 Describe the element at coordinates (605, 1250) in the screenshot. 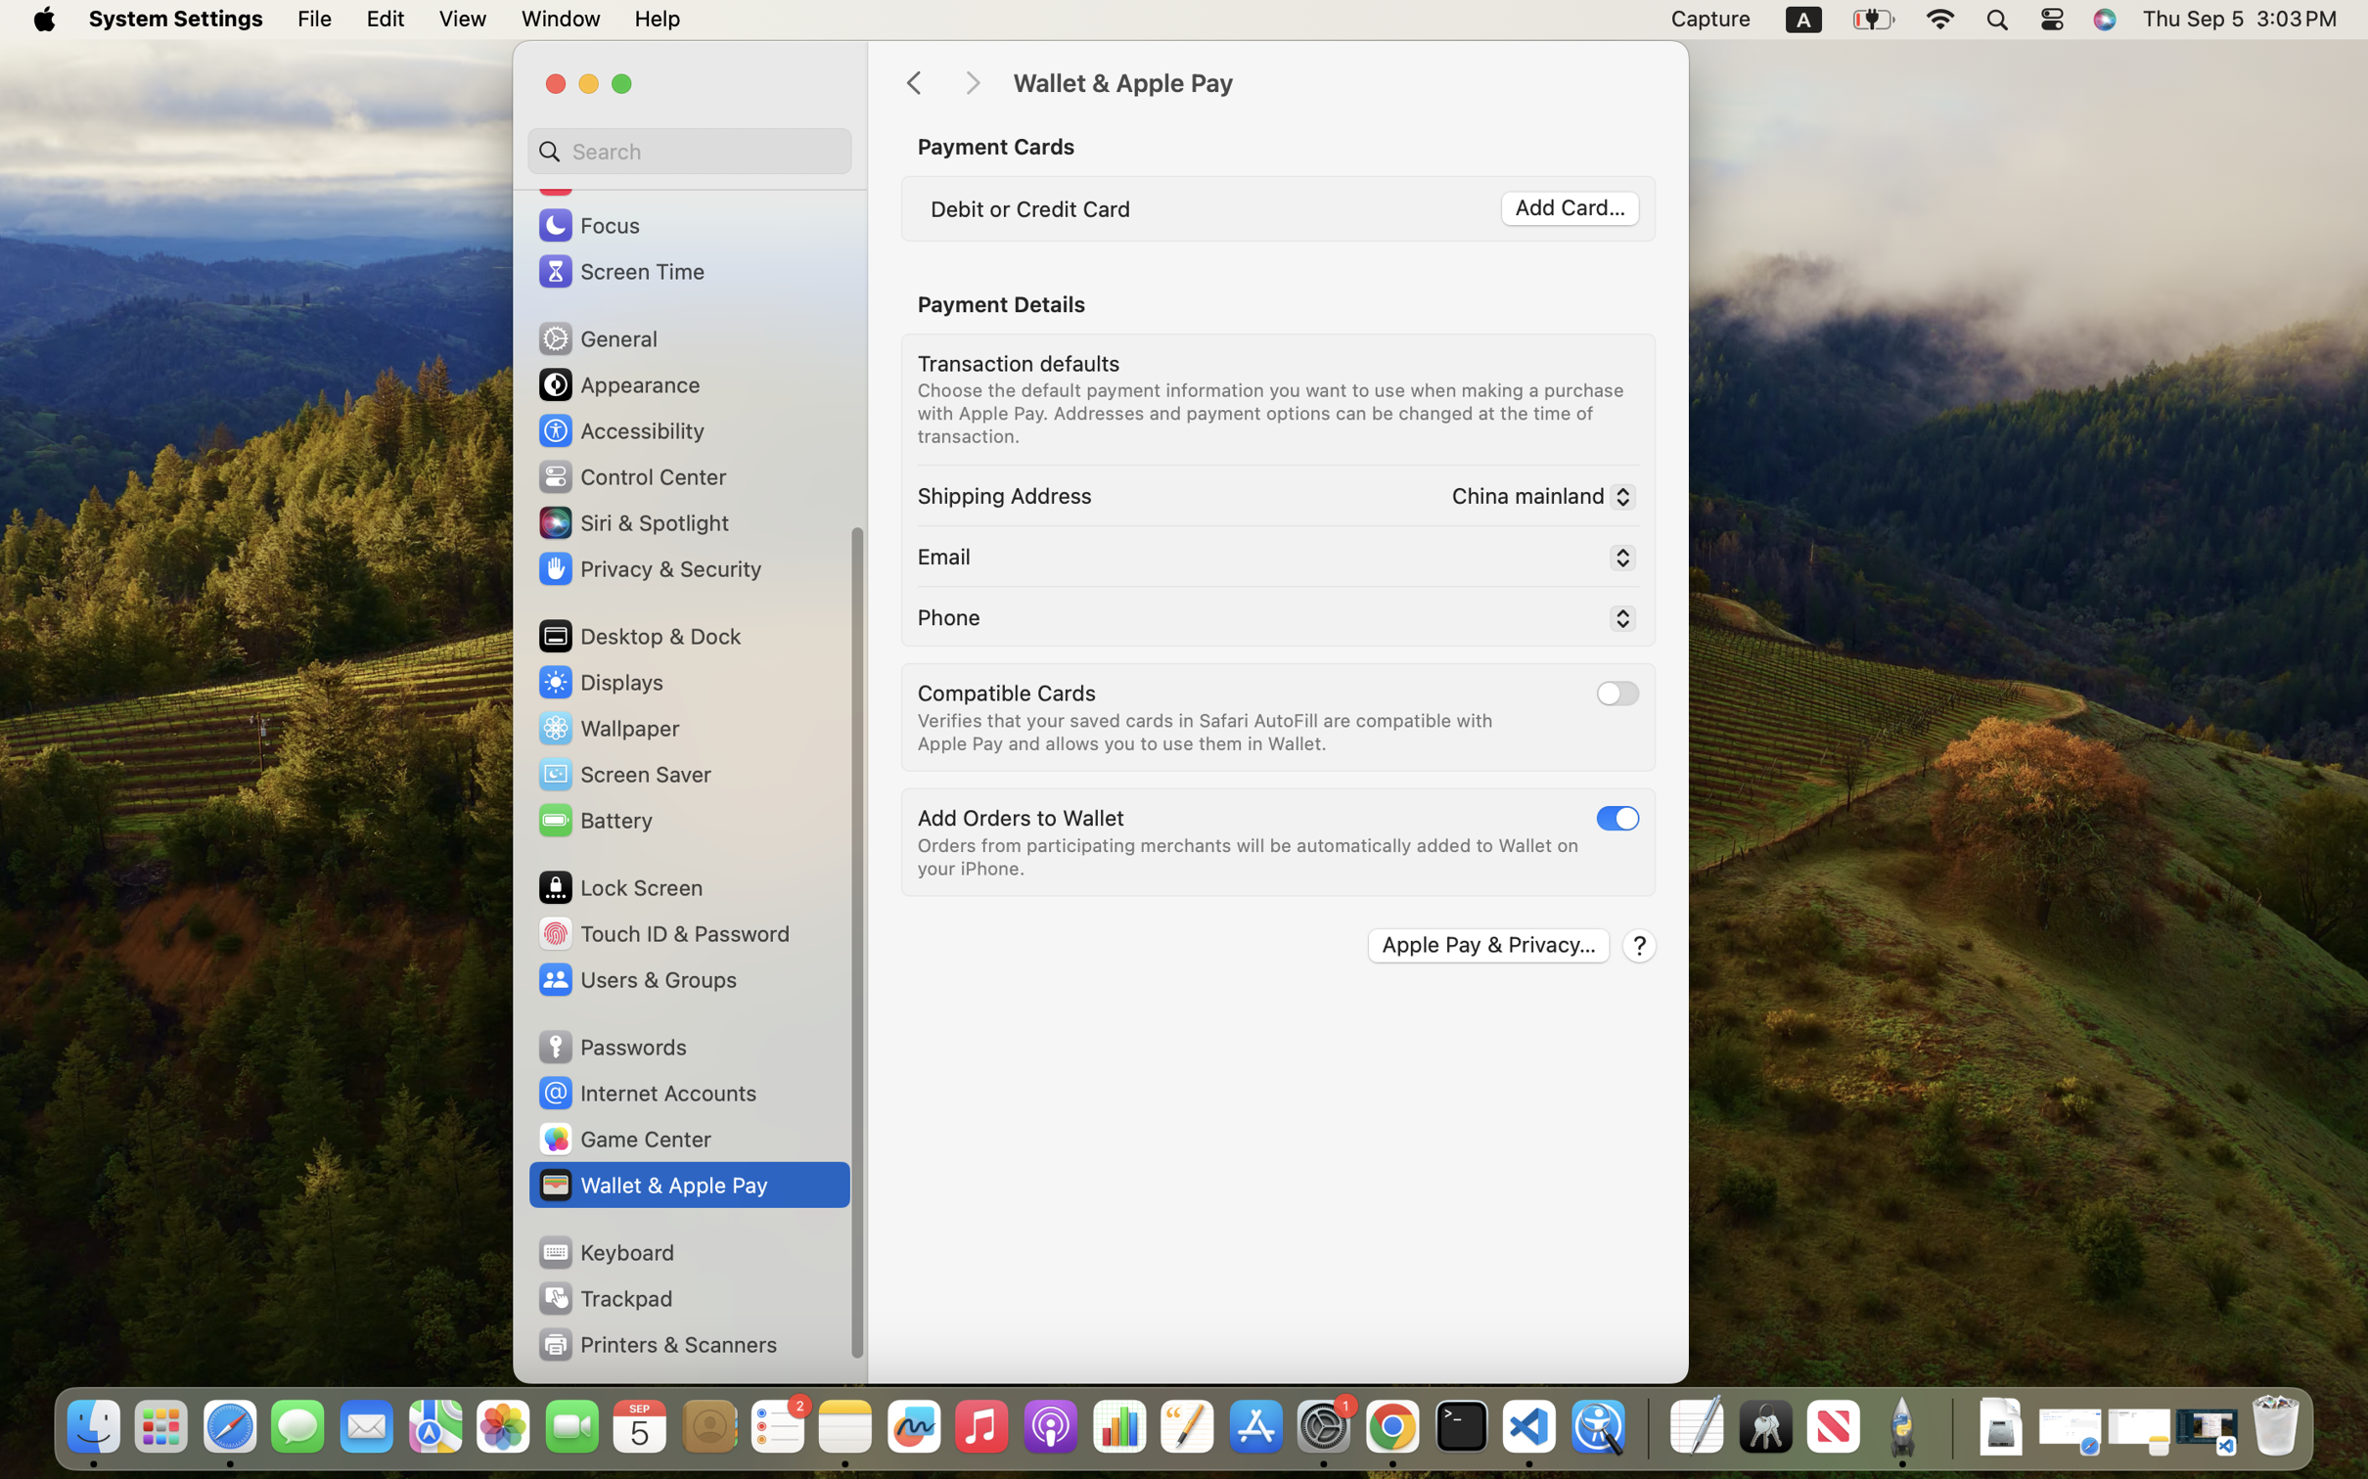

I see `'Keyboard'` at that location.